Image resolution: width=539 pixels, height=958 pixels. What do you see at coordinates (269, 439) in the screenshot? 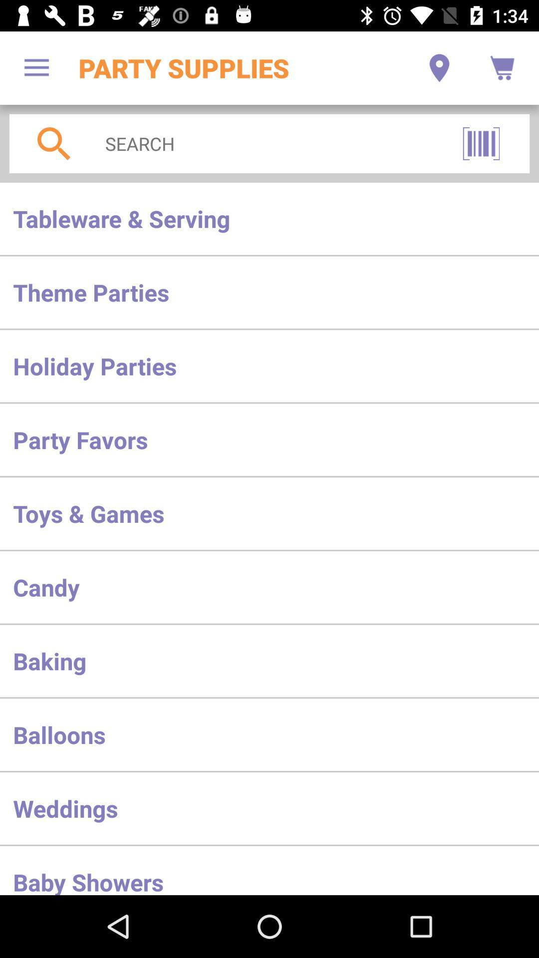
I see `item below the holiday parties item` at bounding box center [269, 439].